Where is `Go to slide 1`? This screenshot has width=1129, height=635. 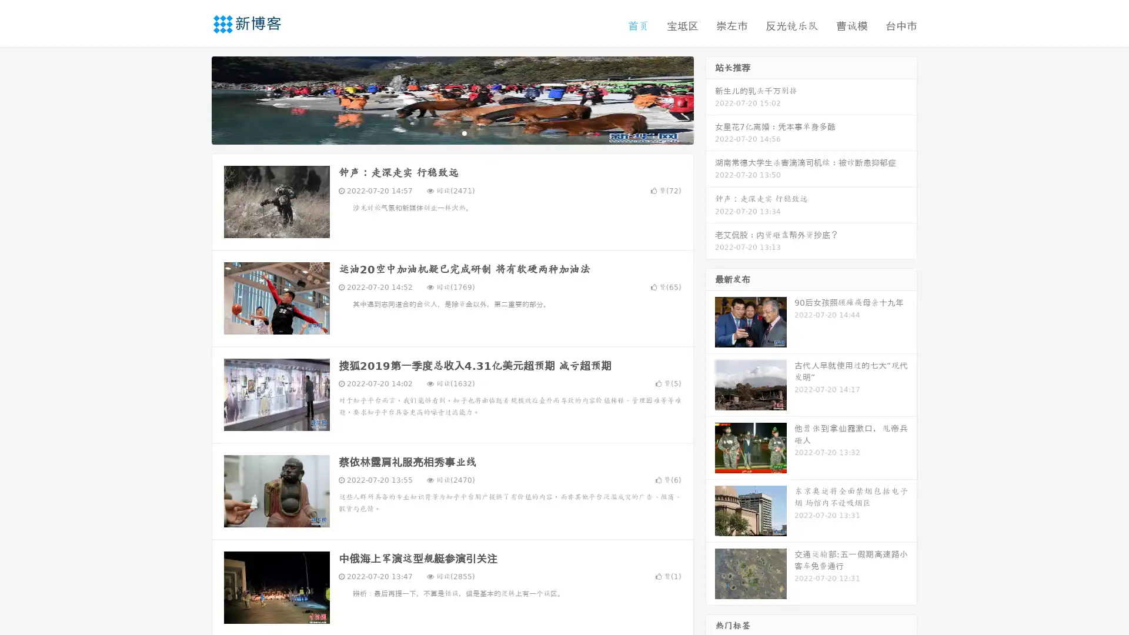 Go to slide 1 is located at coordinates (440, 132).